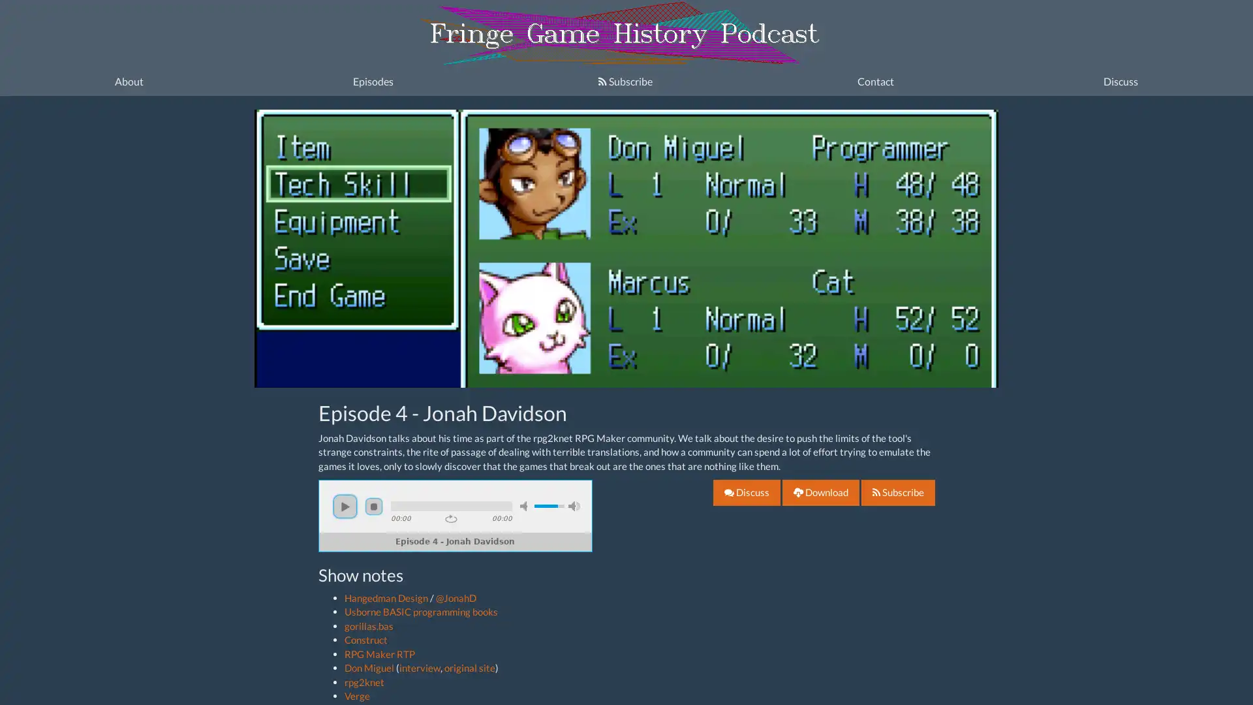 This screenshot has width=1253, height=705. Describe the element at coordinates (451, 518) in the screenshot. I see `repeat` at that location.